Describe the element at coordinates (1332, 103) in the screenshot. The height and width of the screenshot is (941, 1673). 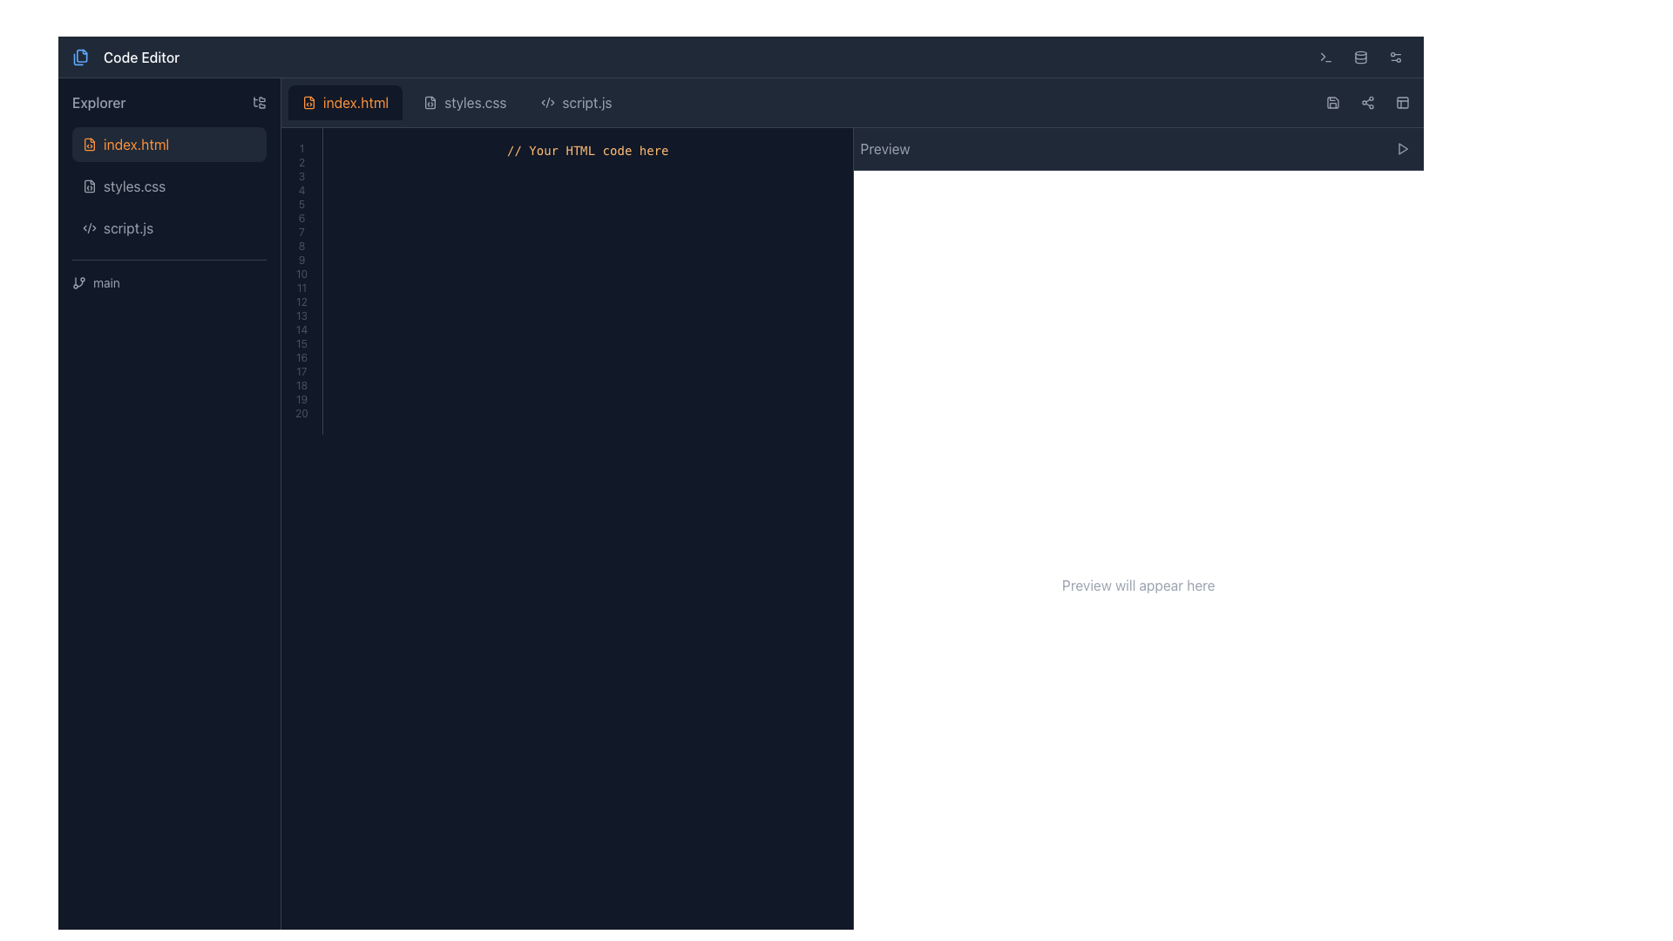
I see `the save icon, which is a small graphical representation resembling a floppy disk, located` at that location.